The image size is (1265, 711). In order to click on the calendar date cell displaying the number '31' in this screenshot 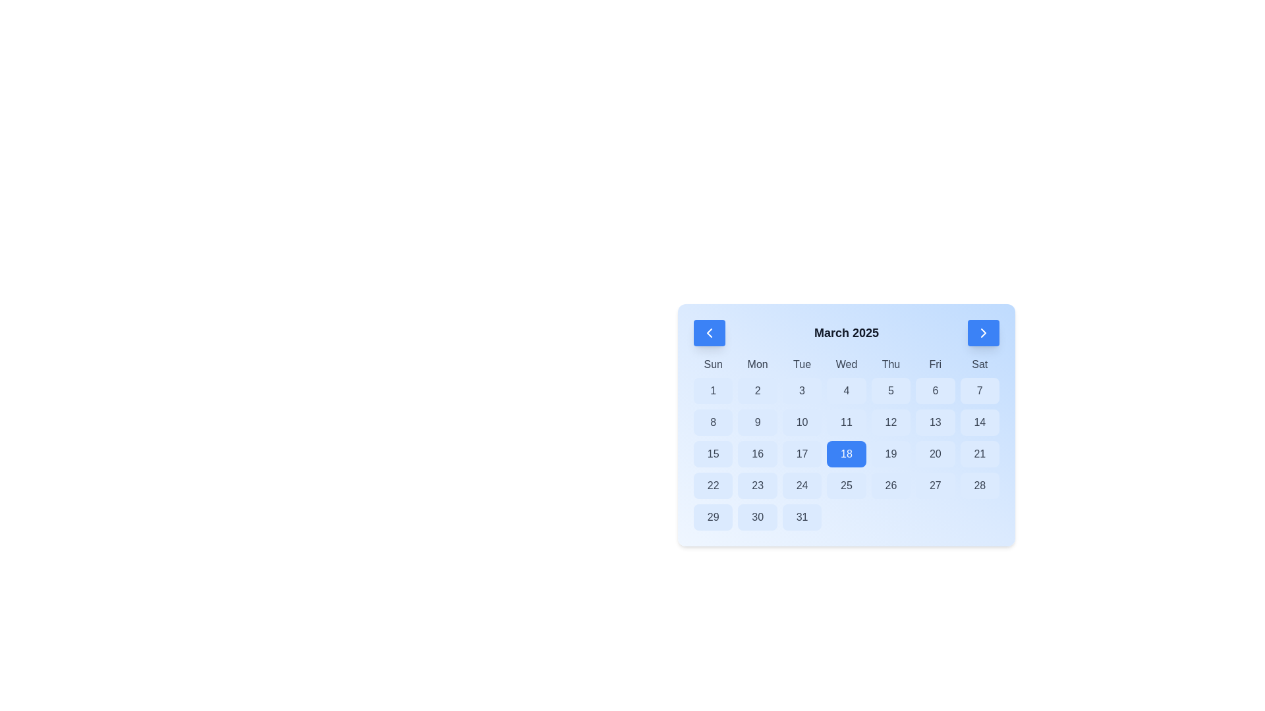, I will do `click(801, 517)`.